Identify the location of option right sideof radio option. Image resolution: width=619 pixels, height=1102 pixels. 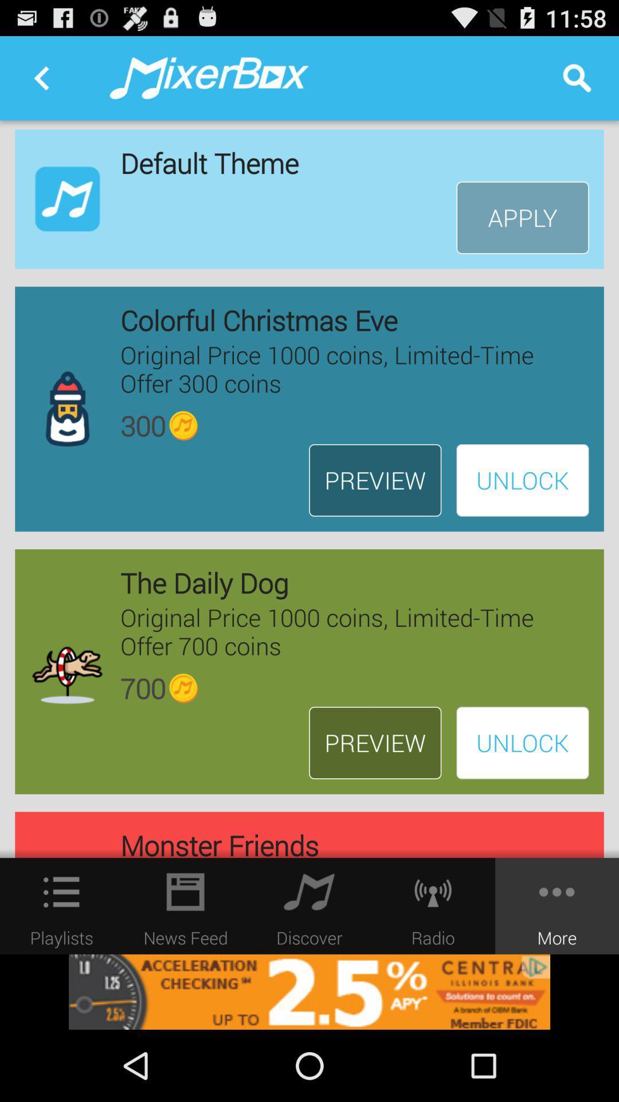
(557, 906).